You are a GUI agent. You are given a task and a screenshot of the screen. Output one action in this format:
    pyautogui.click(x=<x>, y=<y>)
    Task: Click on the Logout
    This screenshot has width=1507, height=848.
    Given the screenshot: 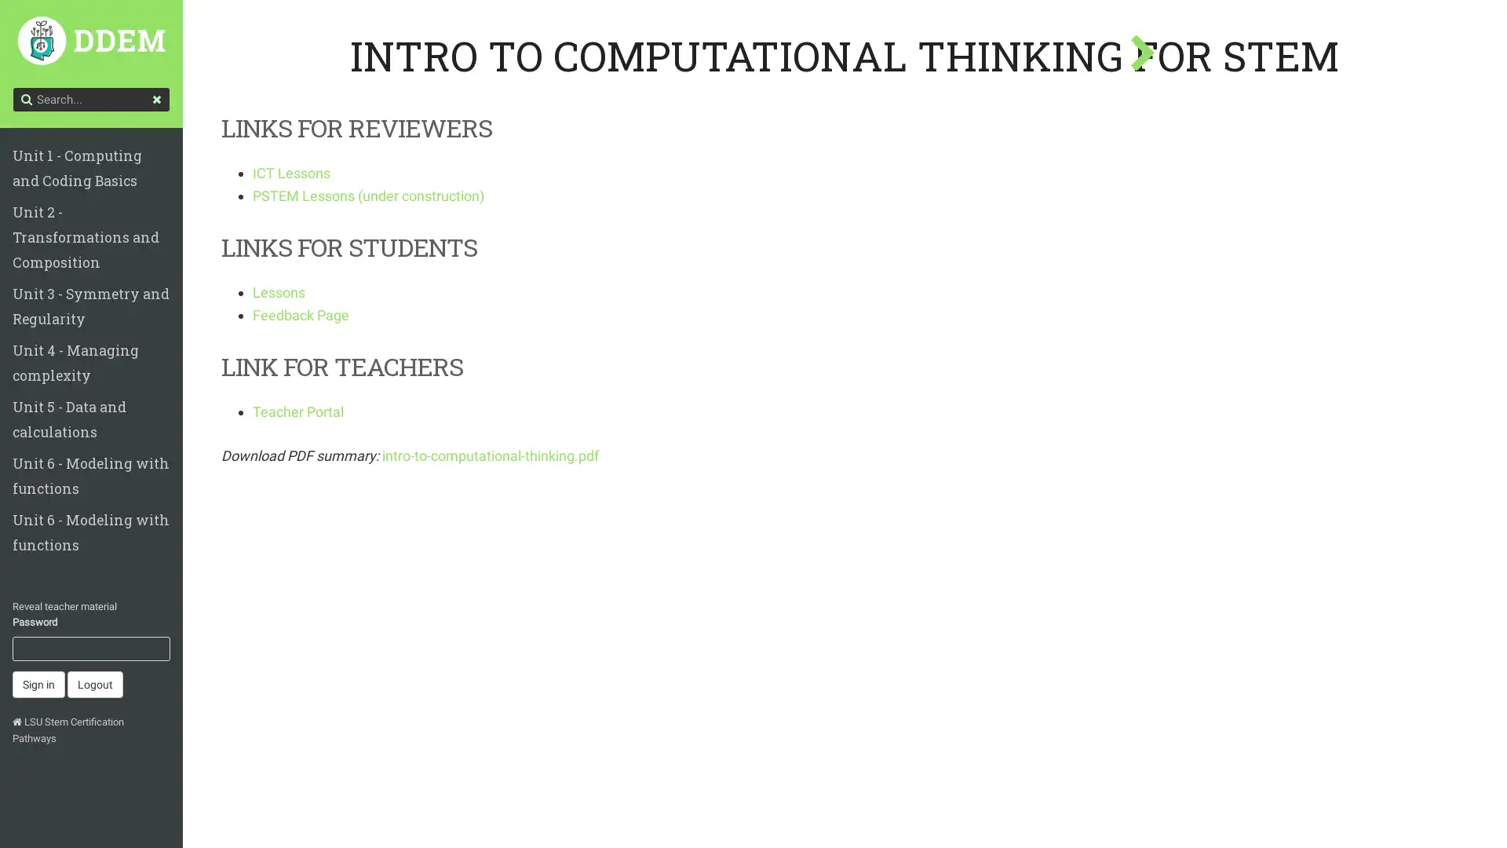 What is the action you would take?
    pyautogui.click(x=94, y=627)
    